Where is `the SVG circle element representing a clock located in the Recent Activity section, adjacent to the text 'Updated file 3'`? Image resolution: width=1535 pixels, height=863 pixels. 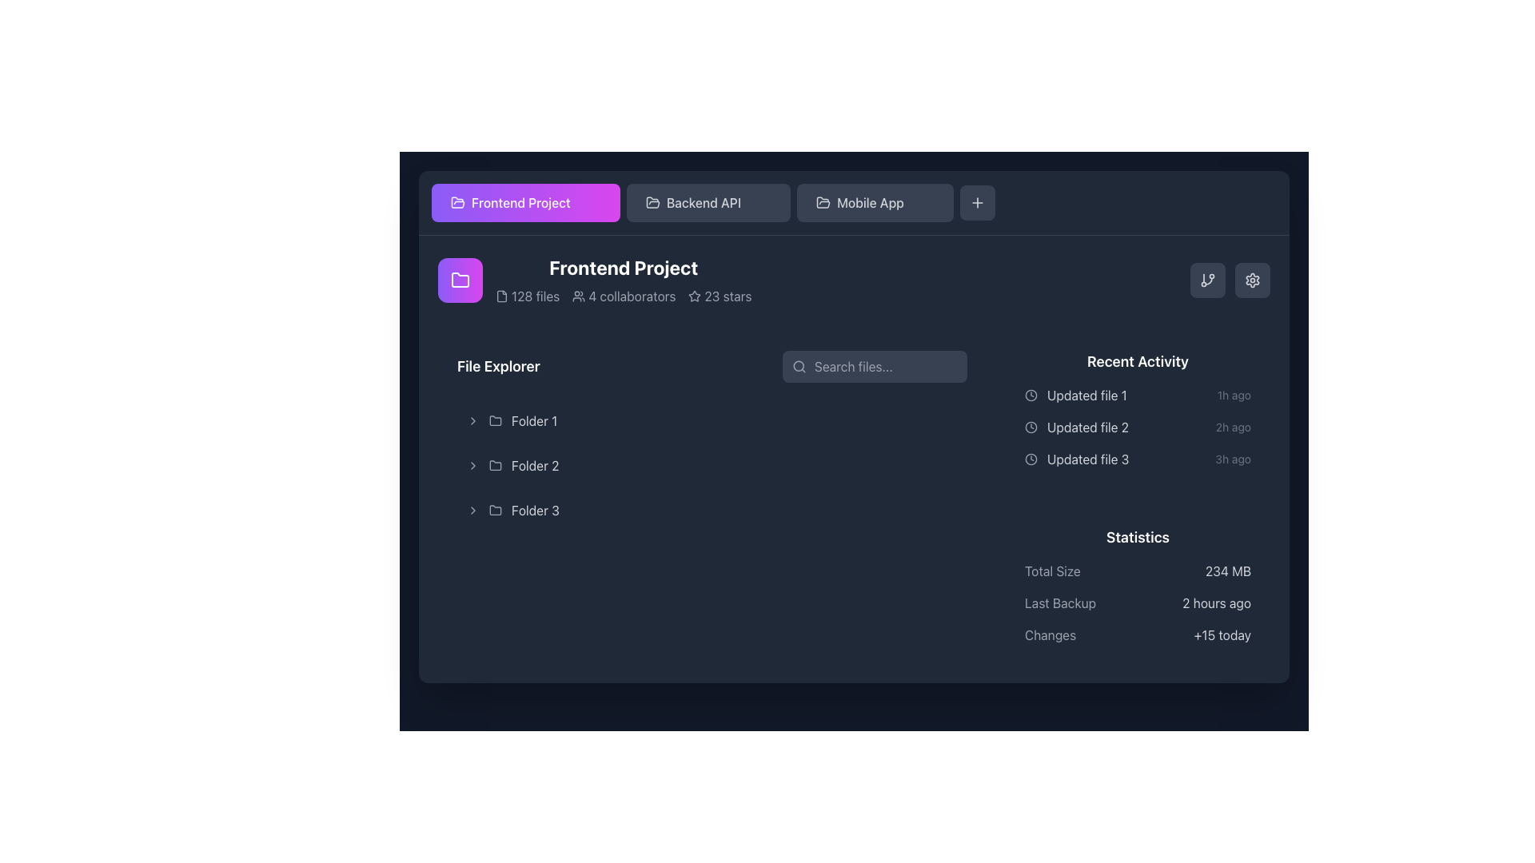
the SVG circle element representing a clock located in the Recent Activity section, adjacent to the text 'Updated file 3' is located at coordinates (1031, 459).